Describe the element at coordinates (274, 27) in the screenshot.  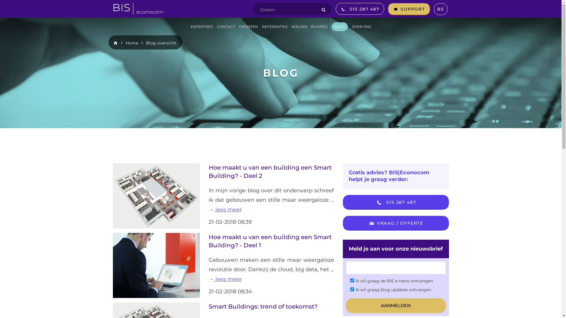
I see `'REFERENTIES'` at that location.